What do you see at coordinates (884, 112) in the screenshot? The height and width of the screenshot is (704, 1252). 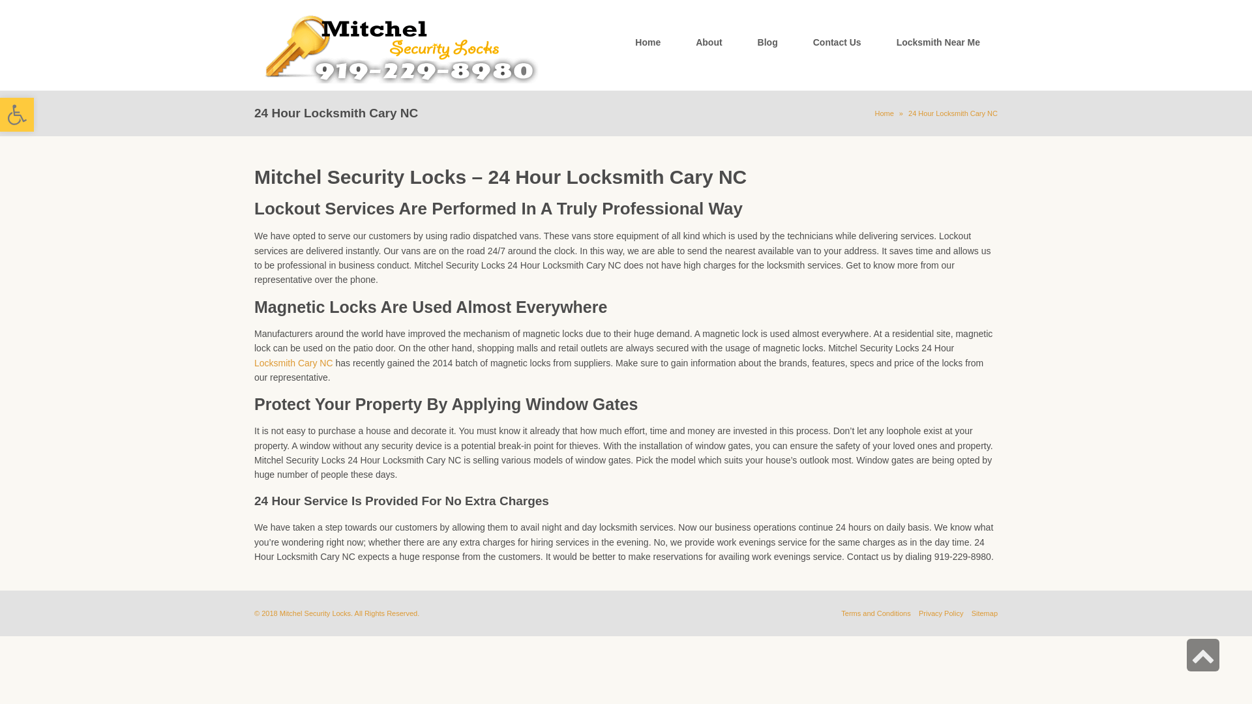 I see `'Home'` at bounding box center [884, 112].